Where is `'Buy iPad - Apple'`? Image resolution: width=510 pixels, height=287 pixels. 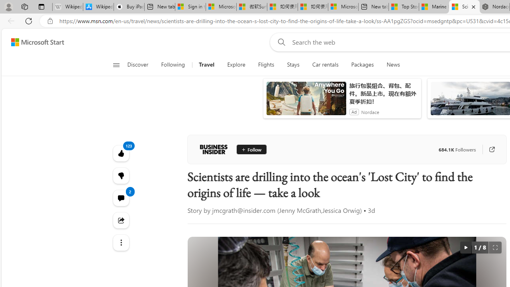
'Buy iPad - Apple' is located at coordinates (129, 7).